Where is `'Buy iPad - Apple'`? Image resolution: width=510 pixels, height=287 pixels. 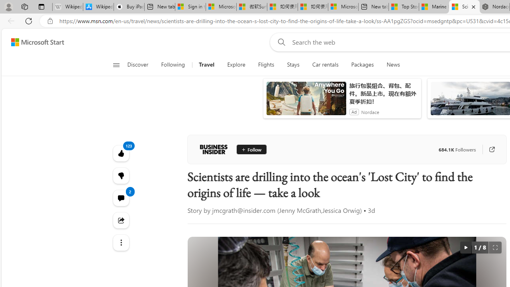
'Buy iPad - Apple' is located at coordinates (129, 7).